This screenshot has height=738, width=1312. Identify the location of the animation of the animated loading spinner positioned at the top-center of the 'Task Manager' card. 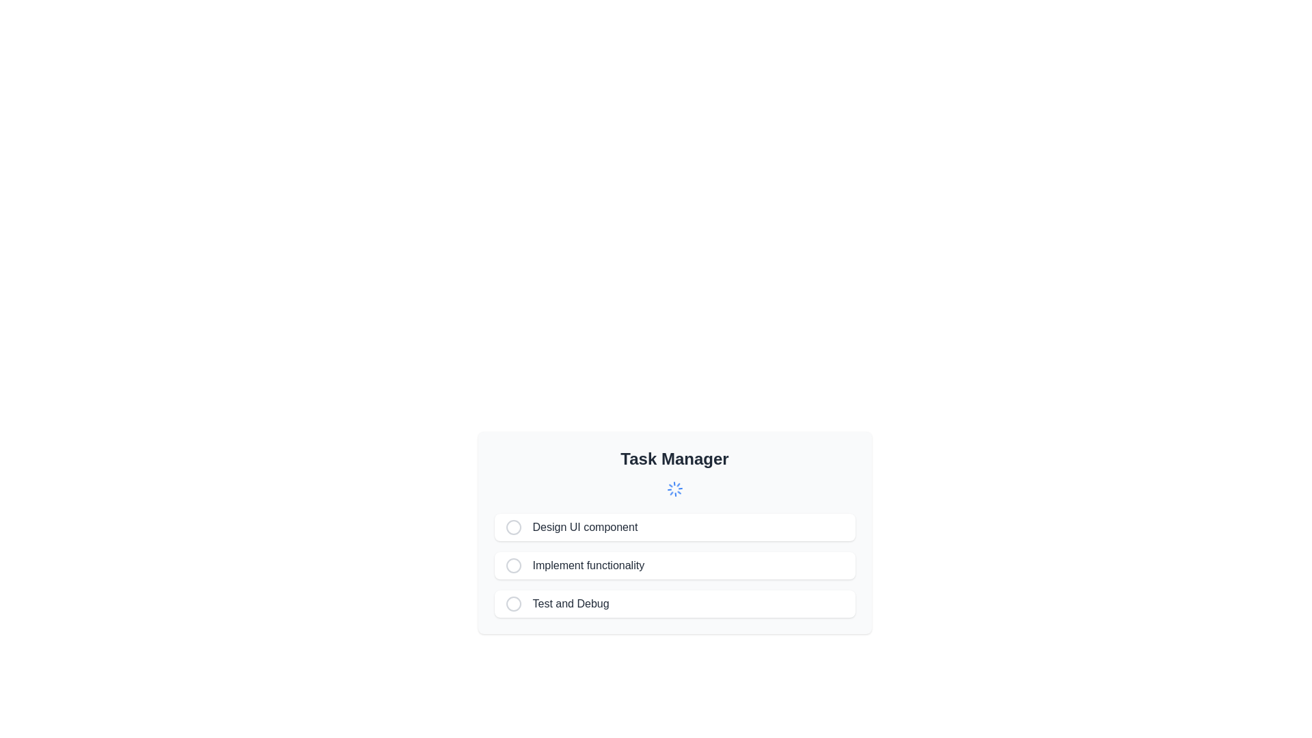
(674, 489).